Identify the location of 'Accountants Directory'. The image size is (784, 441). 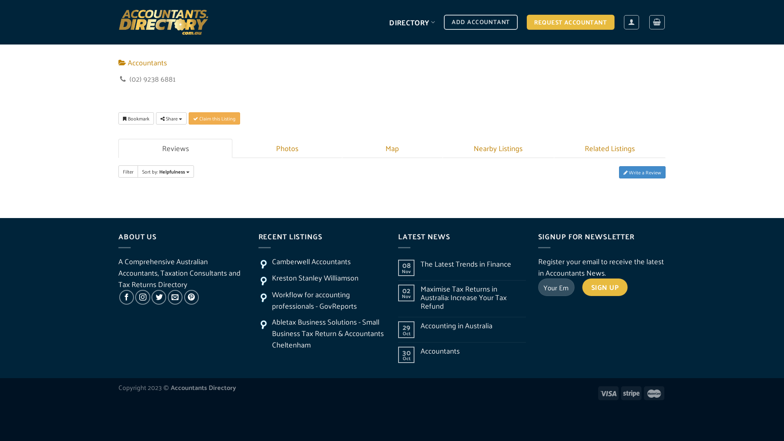
(118, 22).